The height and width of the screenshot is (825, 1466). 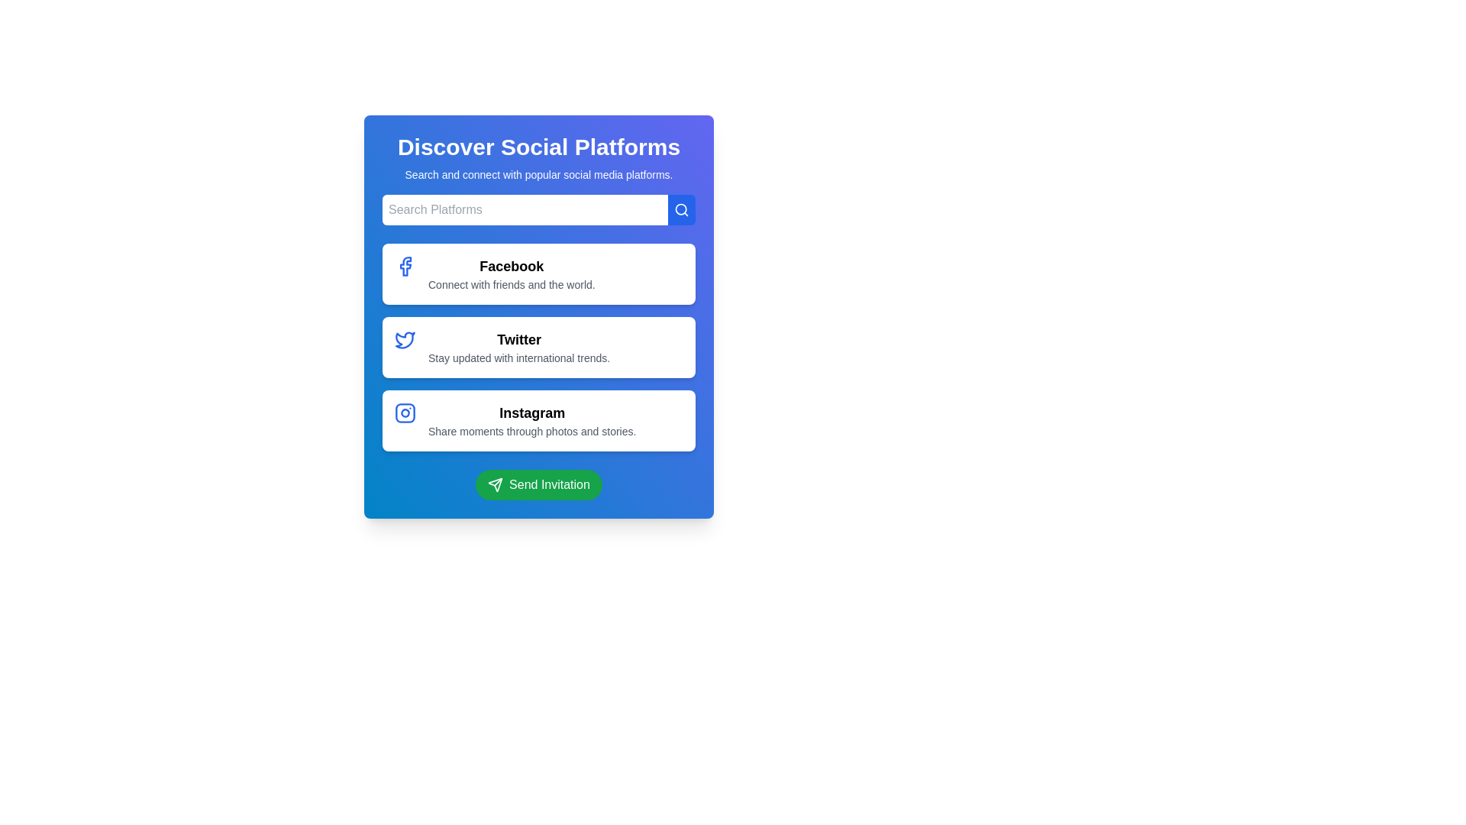 What do you see at coordinates (405, 265) in the screenshot?
I see `the blue Facebook logo icon located to the left of the 'Facebook' text in the first block of social platforms` at bounding box center [405, 265].